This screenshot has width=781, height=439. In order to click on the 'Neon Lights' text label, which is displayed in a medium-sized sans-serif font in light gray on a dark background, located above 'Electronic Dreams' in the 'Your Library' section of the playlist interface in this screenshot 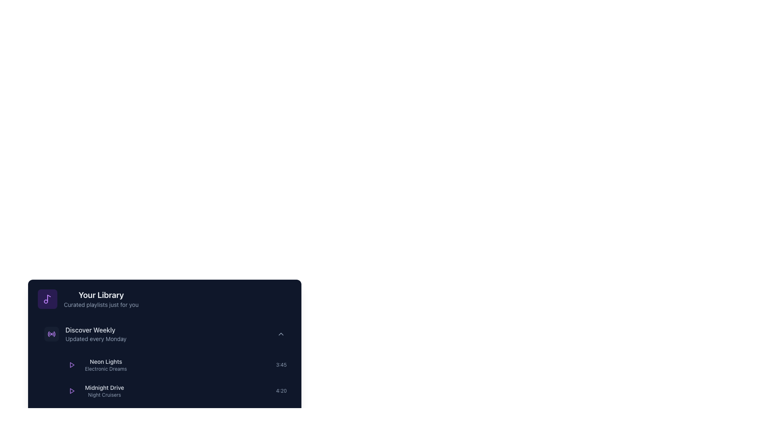, I will do `click(105, 361)`.